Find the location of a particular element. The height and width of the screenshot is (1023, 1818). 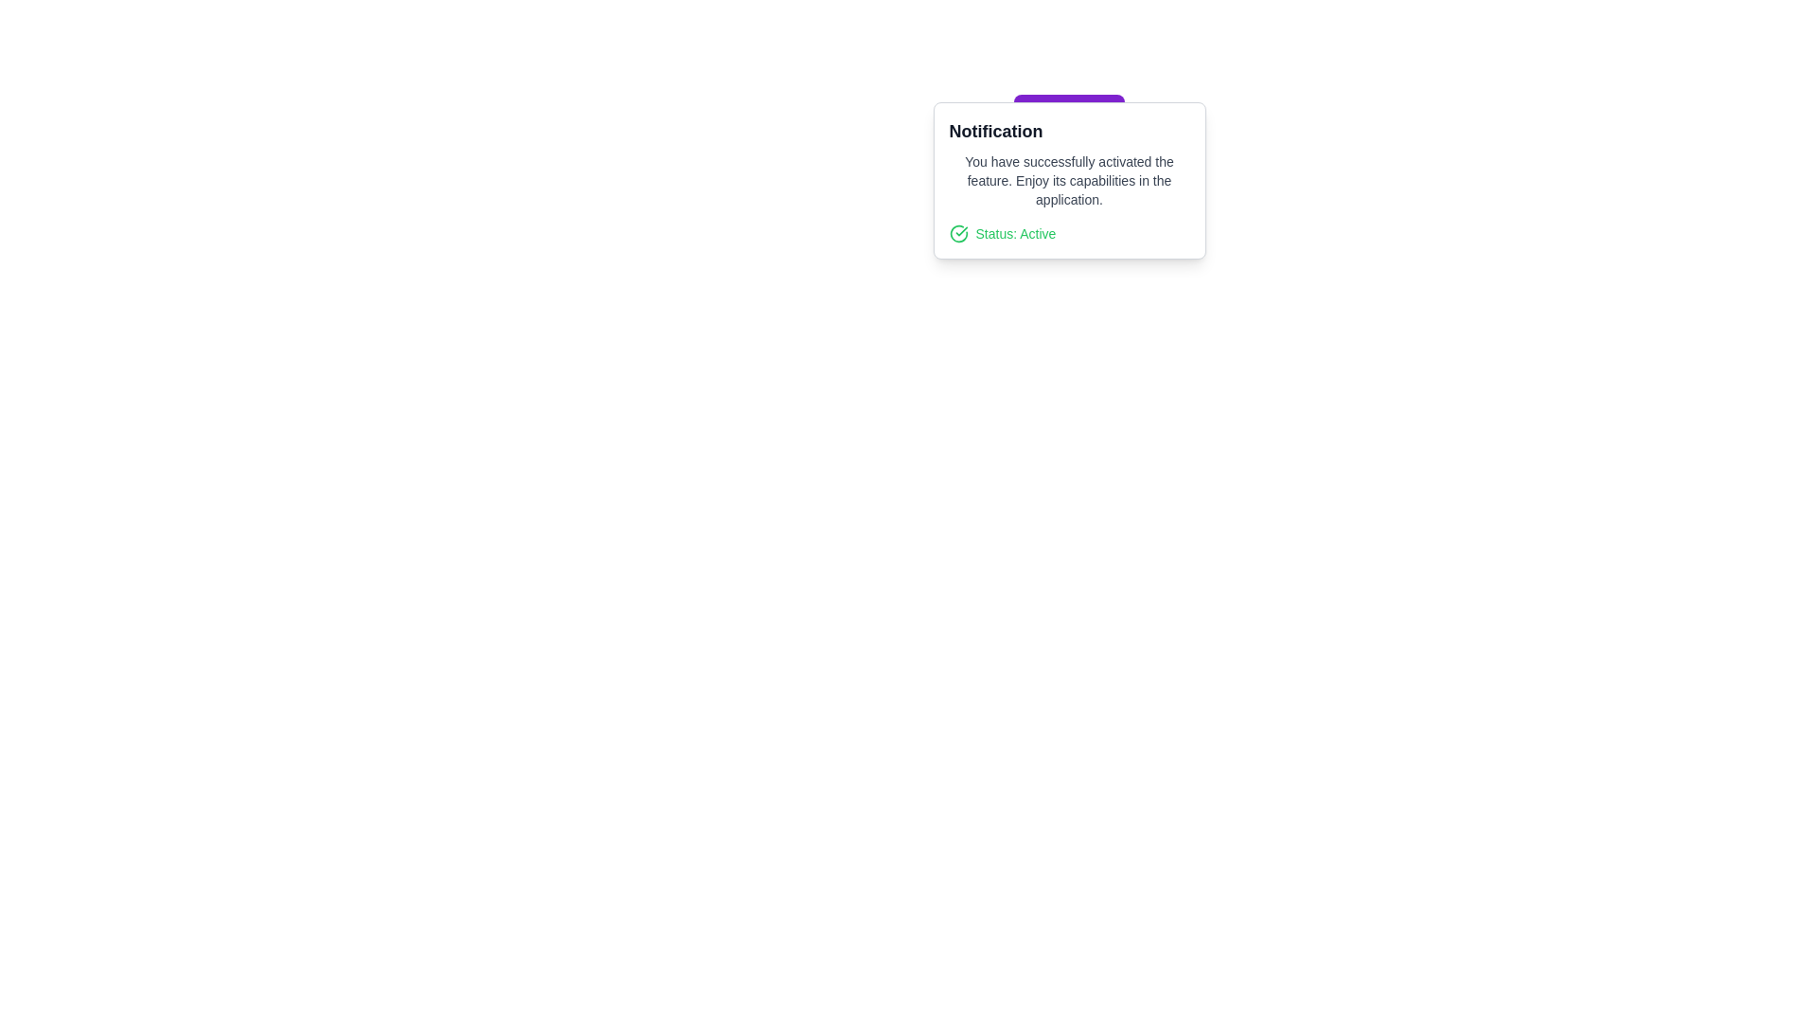

the 'Status: Active' indicator text with a green checkmark icon, which indicates a positive or active state, positioned below the notification message about feature activation is located at coordinates (1001, 232).